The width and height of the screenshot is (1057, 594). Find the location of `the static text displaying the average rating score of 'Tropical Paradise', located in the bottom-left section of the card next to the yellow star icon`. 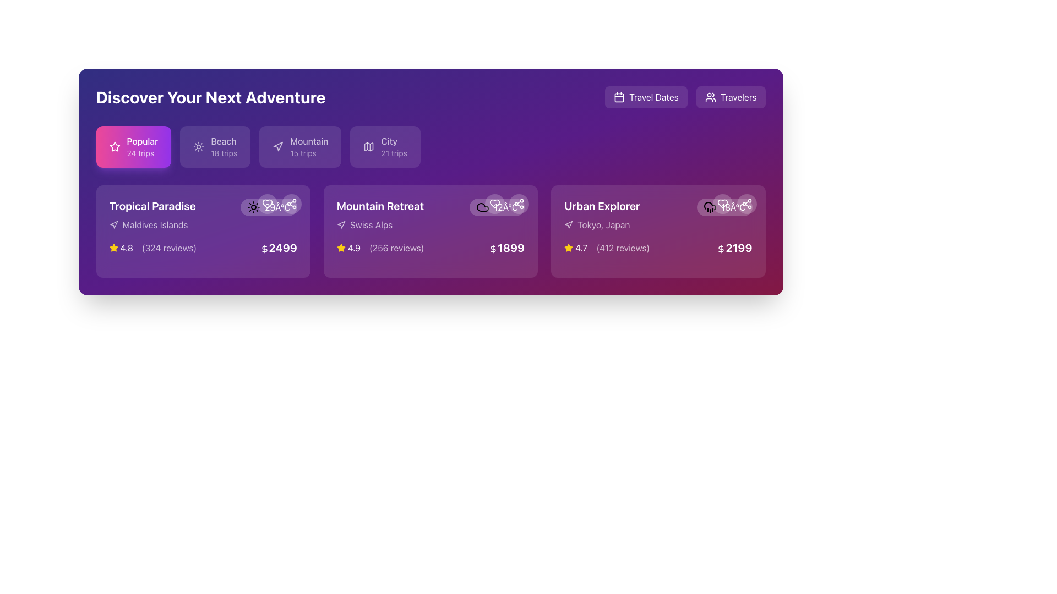

the static text displaying the average rating score of 'Tropical Paradise', located in the bottom-left section of the card next to the yellow star icon is located at coordinates (127, 248).